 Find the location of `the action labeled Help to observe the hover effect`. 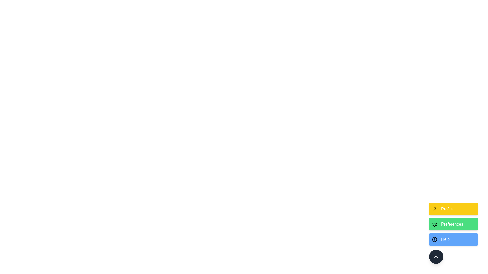

the action labeled Help to observe the hover effect is located at coordinates (453, 239).